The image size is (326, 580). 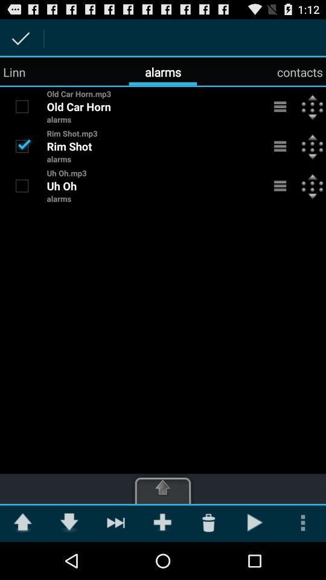 What do you see at coordinates (22, 145) in the screenshot?
I see `option` at bounding box center [22, 145].